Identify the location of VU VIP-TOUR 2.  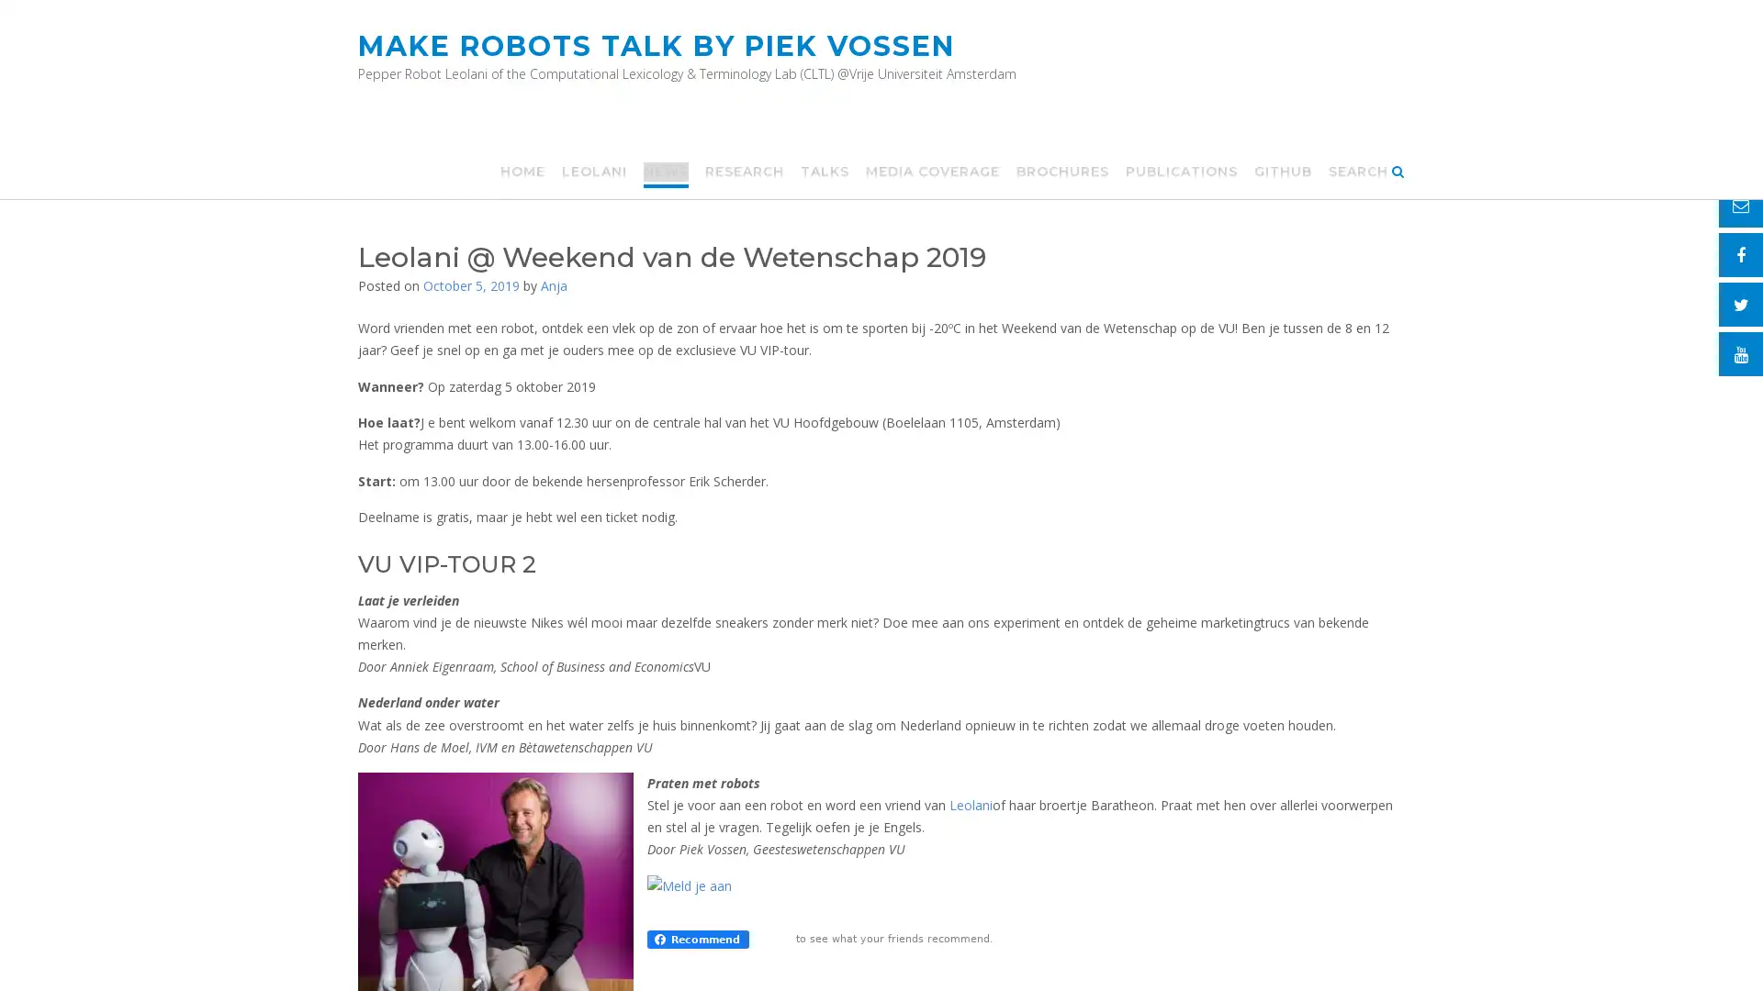
(446, 562).